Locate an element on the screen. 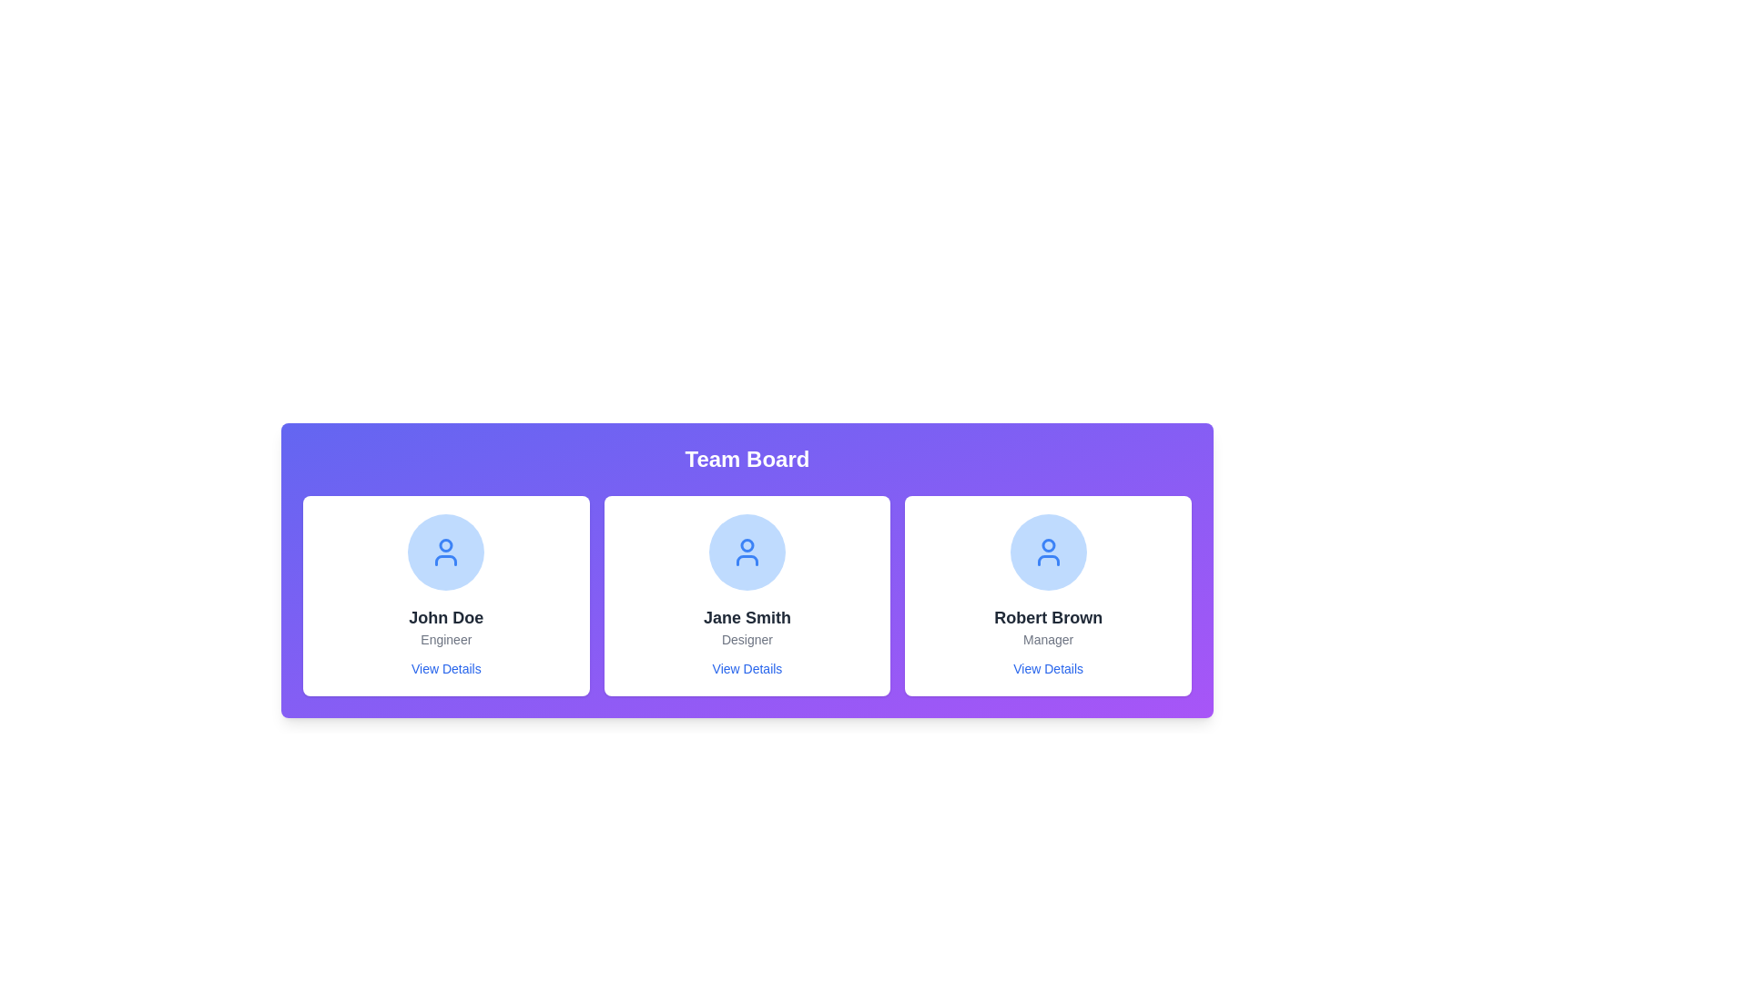  the profile icon of Robert Brown, located at the top-center of the card labeled 'Robert Brown, Manager', which is the third card from the left in the horizontal arrangement of team members is located at coordinates (1048, 551).